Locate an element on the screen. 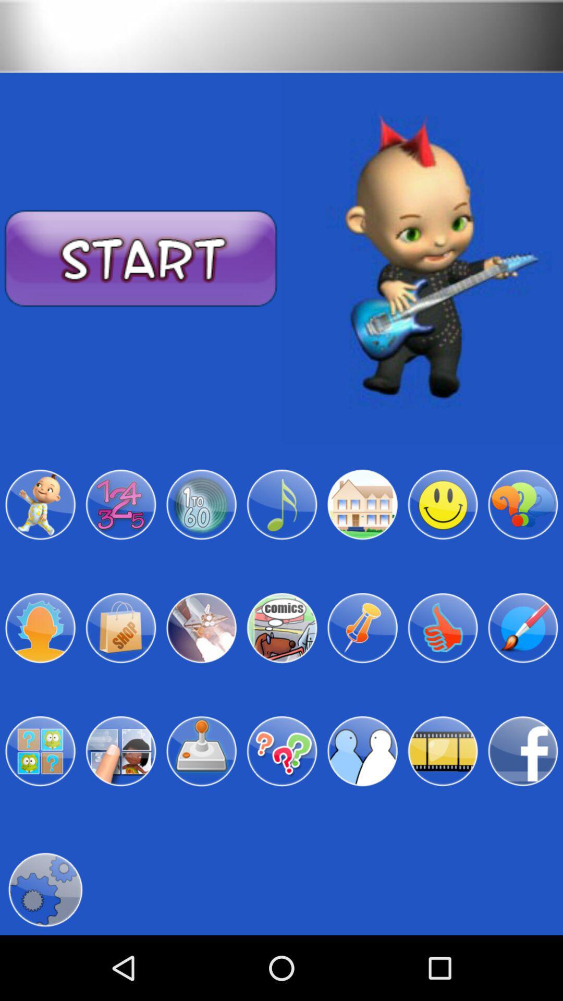 The width and height of the screenshot is (563, 1001). choose pin is located at coordinates (362, 627).